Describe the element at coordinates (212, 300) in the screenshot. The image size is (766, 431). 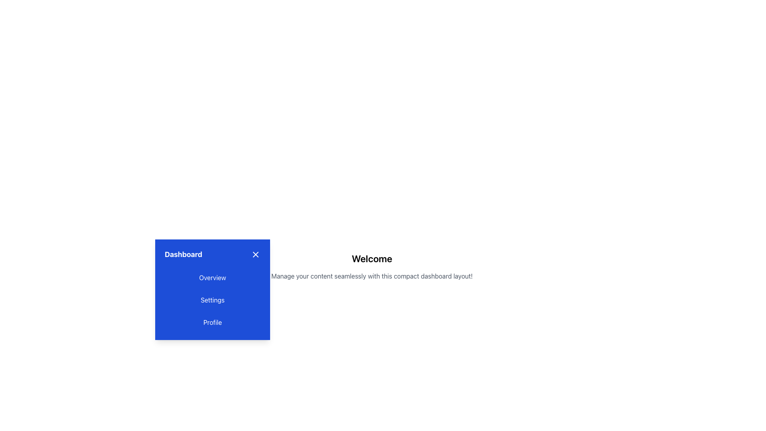
I see `the 'Settings' button located in the sidebar menu` at that location.